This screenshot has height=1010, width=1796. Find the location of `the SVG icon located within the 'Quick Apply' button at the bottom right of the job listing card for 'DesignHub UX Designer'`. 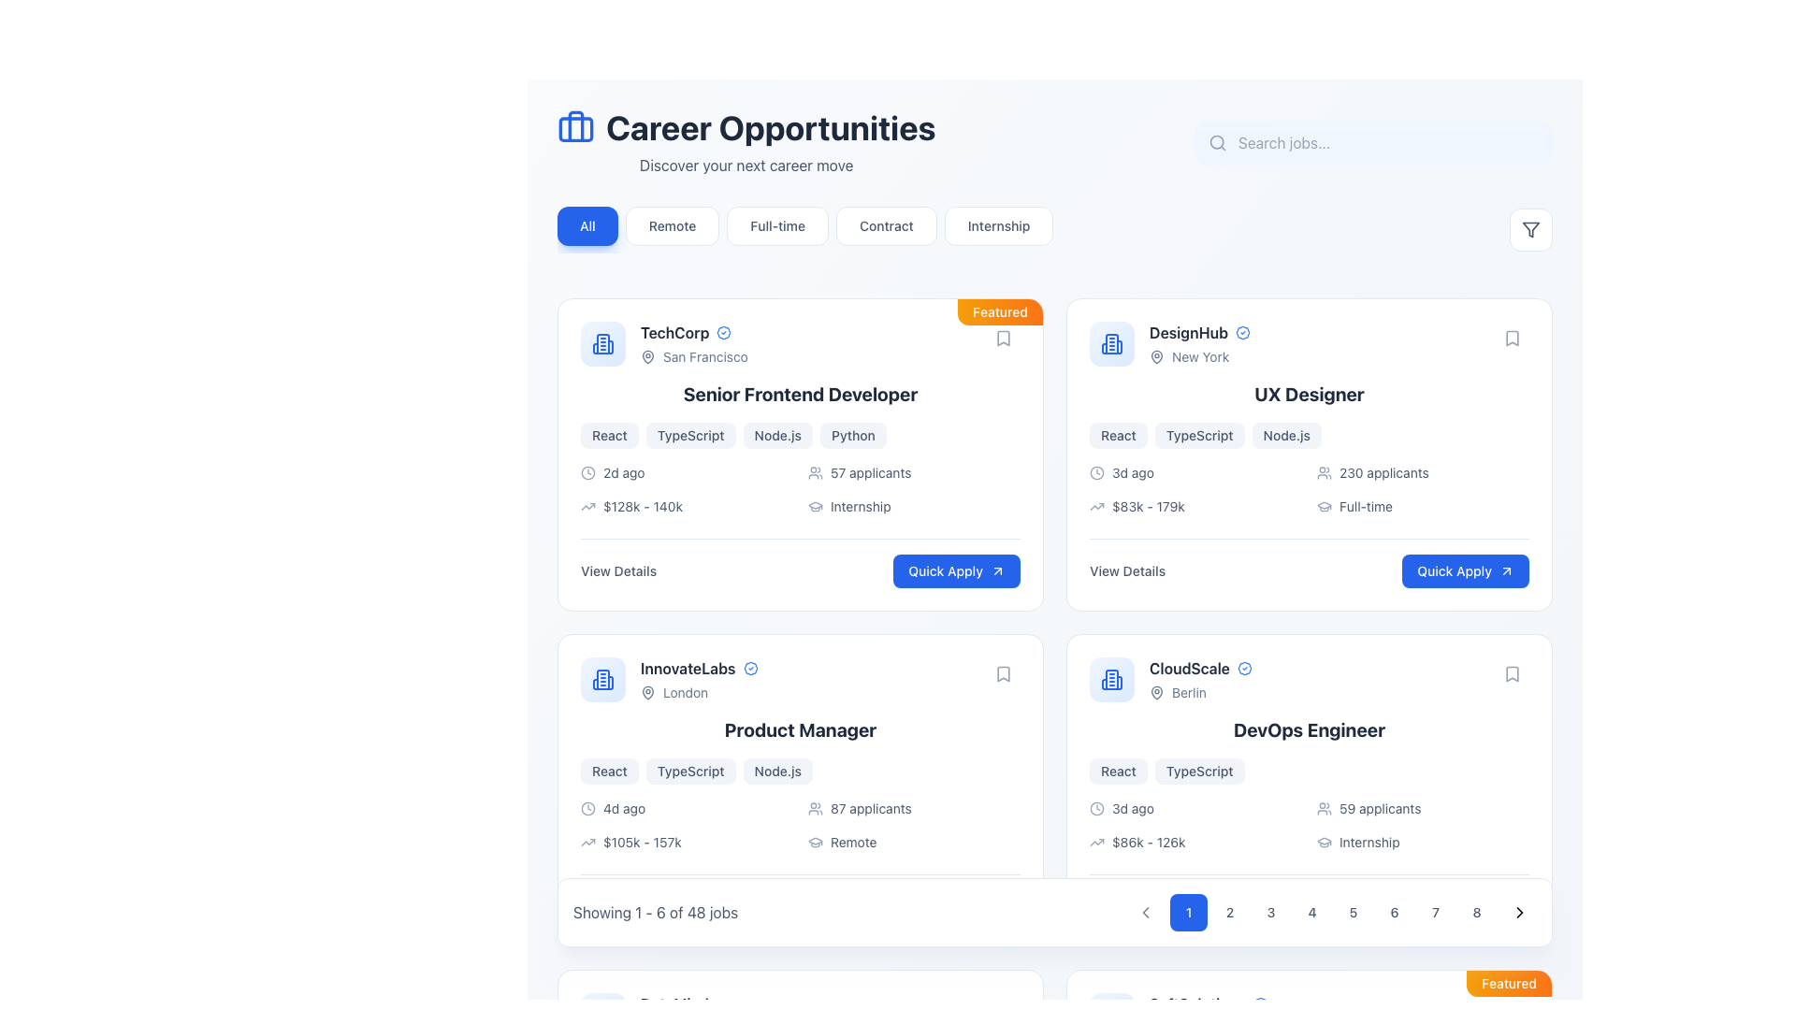

the SVG icon located within the 'Quick Apply' button at the bottom right of the job listing card for 'DesignHub UX Designer' is located at coordinates (1507, 570).